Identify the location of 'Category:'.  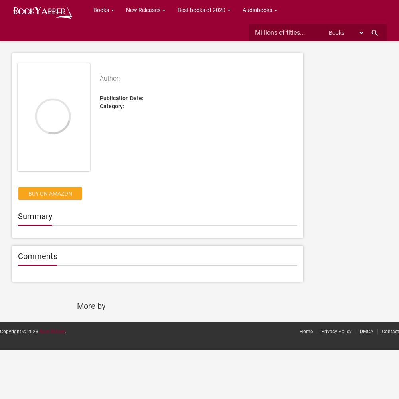
(112, 106).